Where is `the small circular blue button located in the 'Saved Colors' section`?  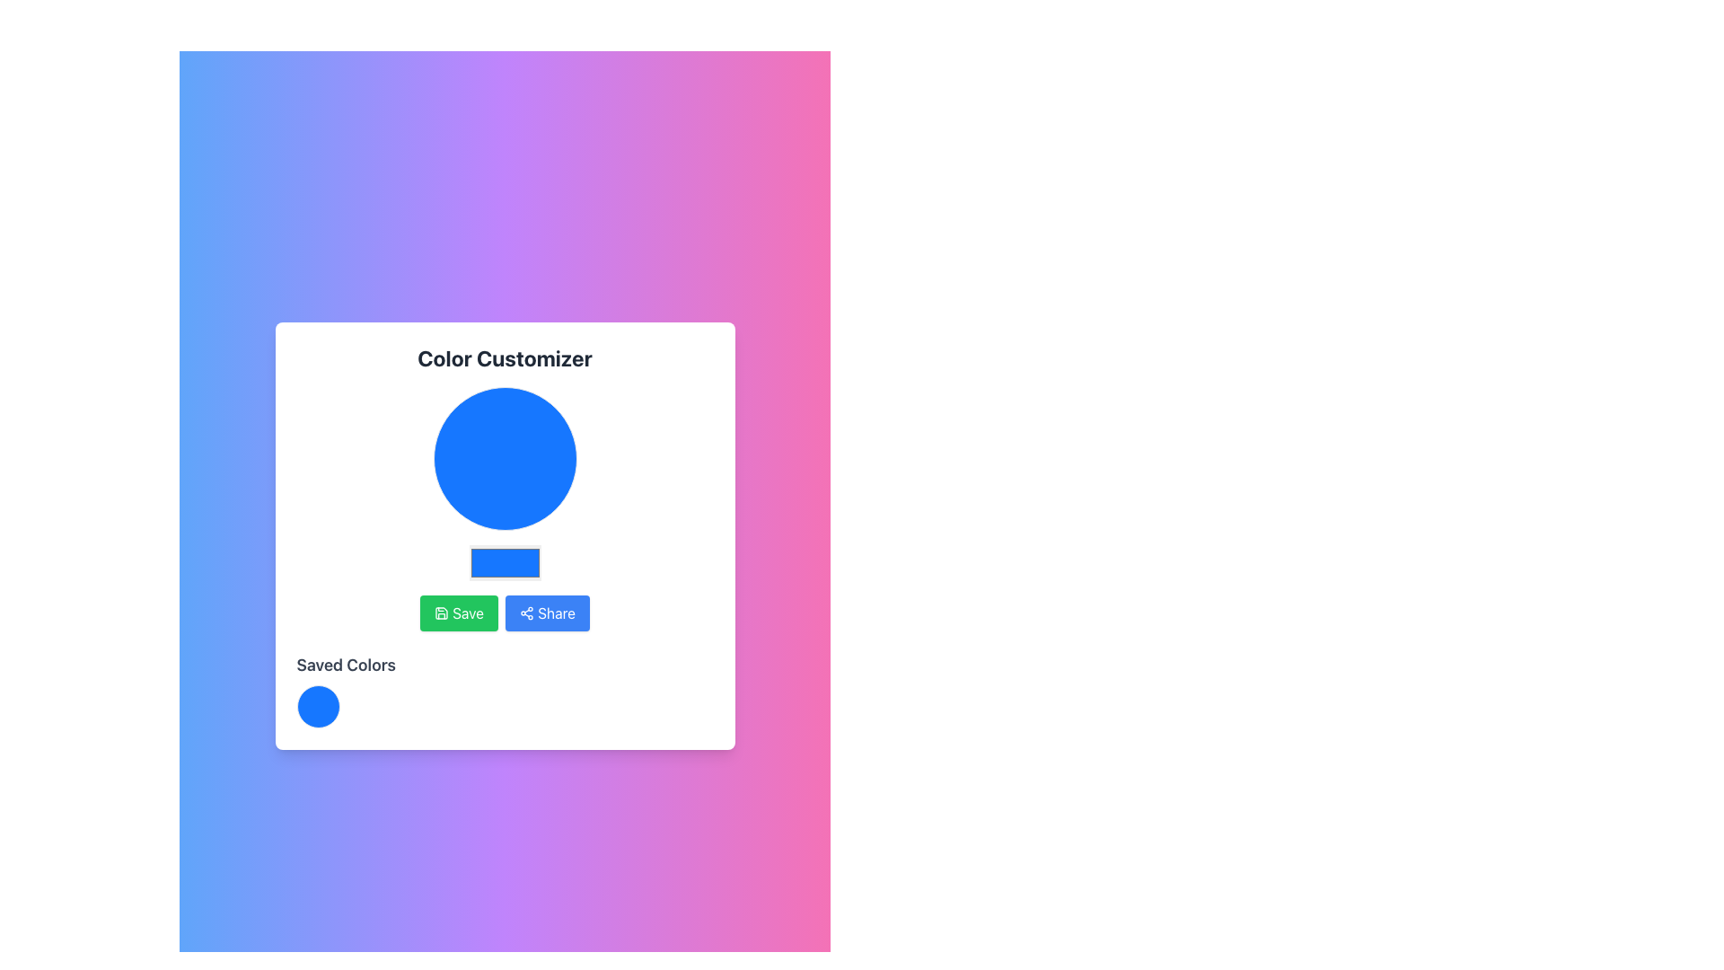 the small circular blue button located in the 'Saved Colors' section is located at coordinates (318, 705).